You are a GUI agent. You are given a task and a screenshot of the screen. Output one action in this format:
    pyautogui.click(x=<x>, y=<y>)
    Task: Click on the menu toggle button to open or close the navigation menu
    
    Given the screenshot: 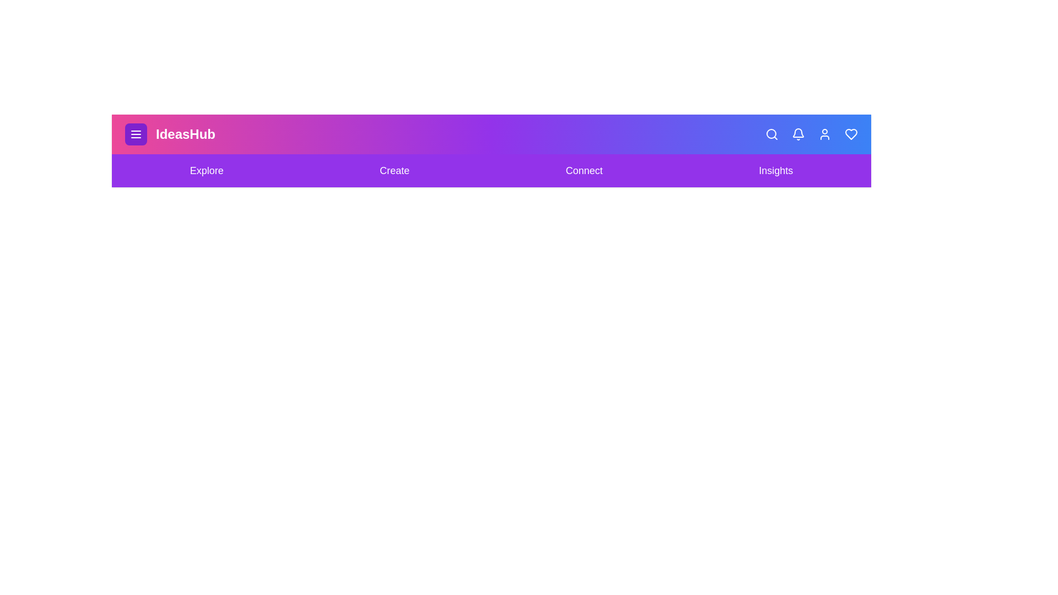 What is the action you would take?
    pyautogui.click(x=135, y=133)
    